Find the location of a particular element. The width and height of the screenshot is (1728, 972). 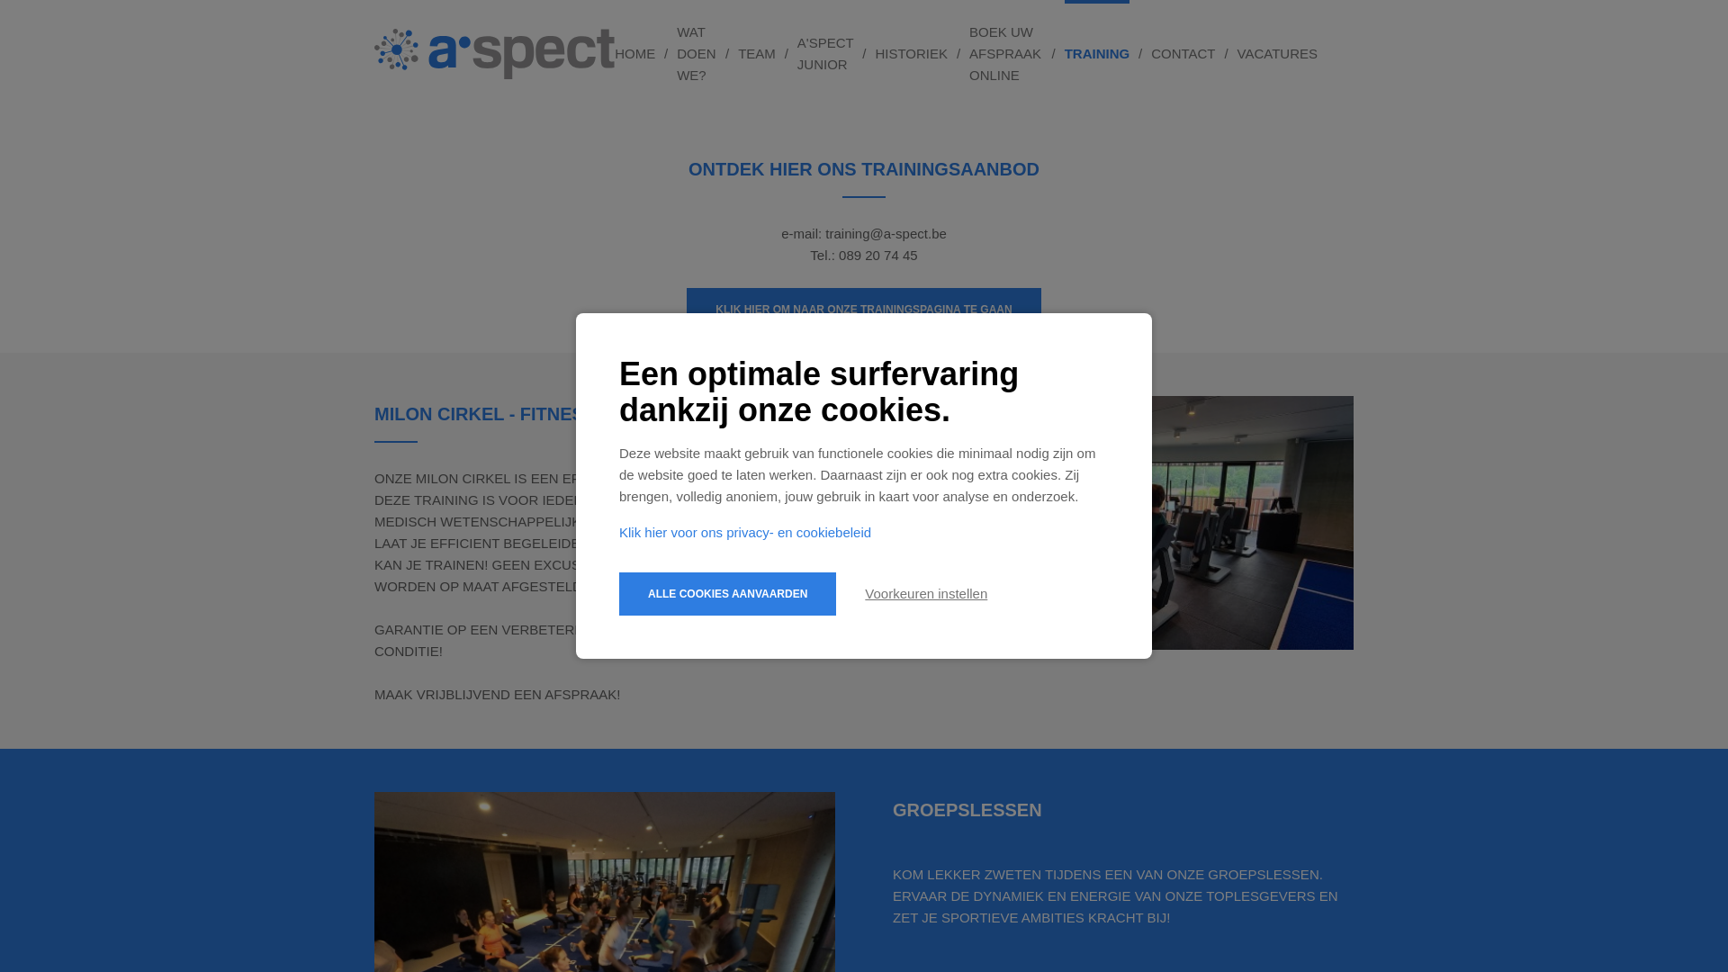

'HISTORIEK' is located at coordinates (911, 53).